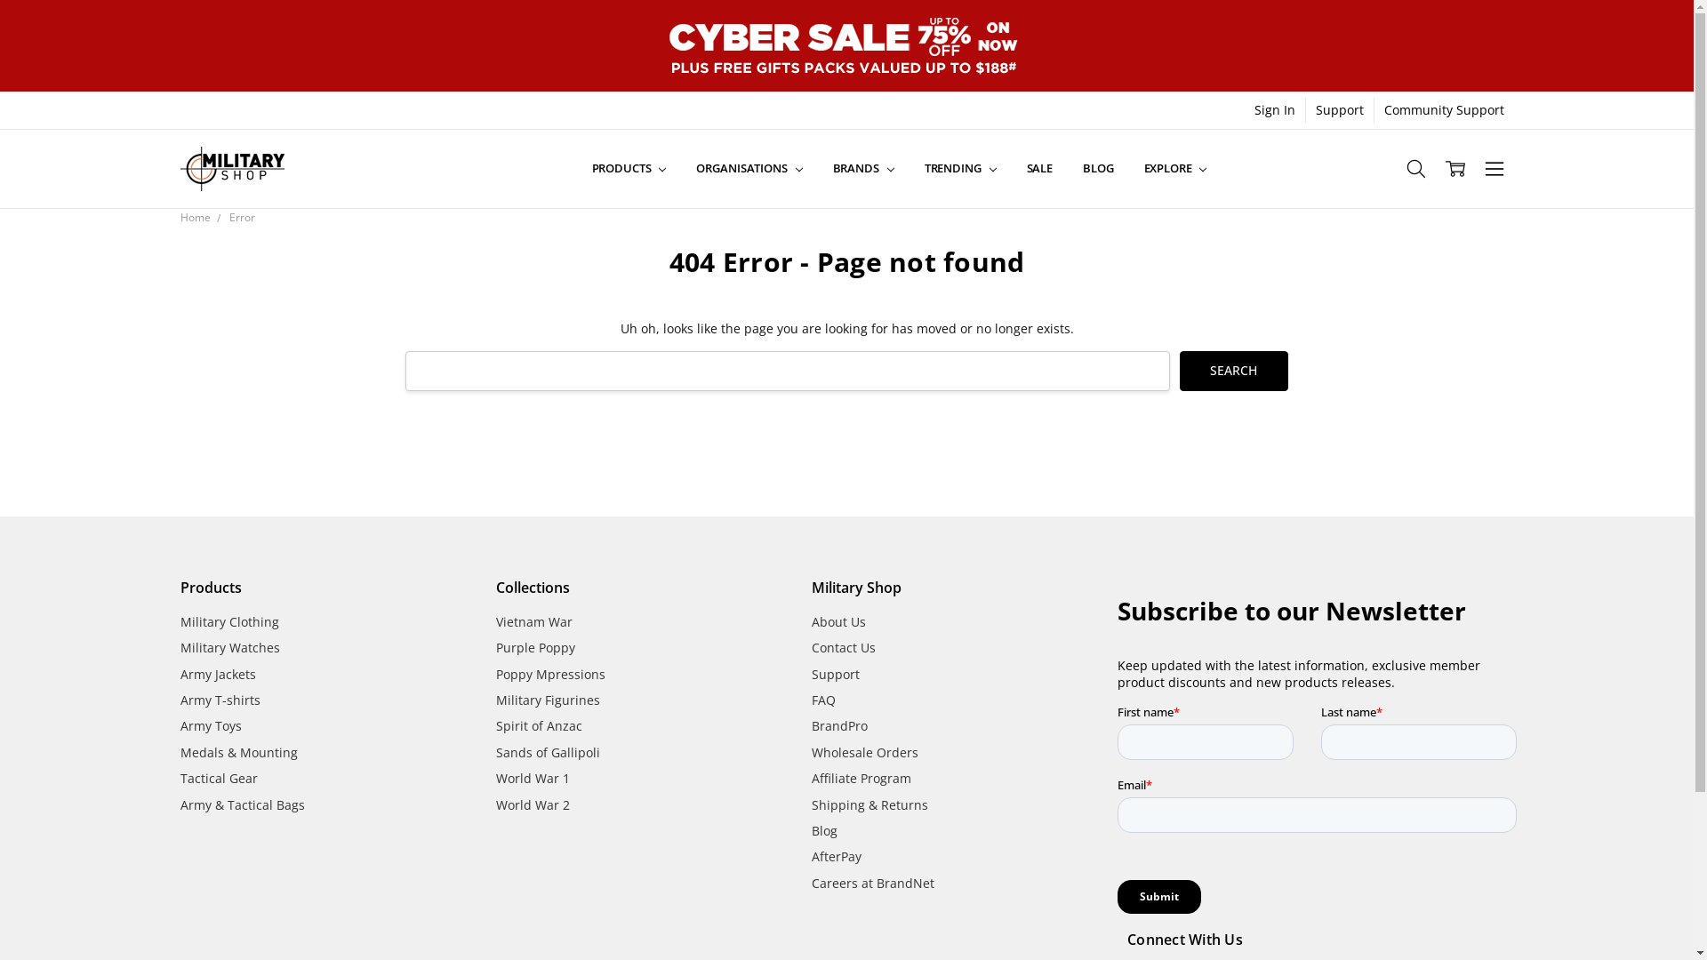 Image resolution: width=1707 pixels, height=960 pixels. What do you see at coordinates (218, 699) in the screenshot?
I see `'Army T-shirts'` at bounding box center [218, 699].